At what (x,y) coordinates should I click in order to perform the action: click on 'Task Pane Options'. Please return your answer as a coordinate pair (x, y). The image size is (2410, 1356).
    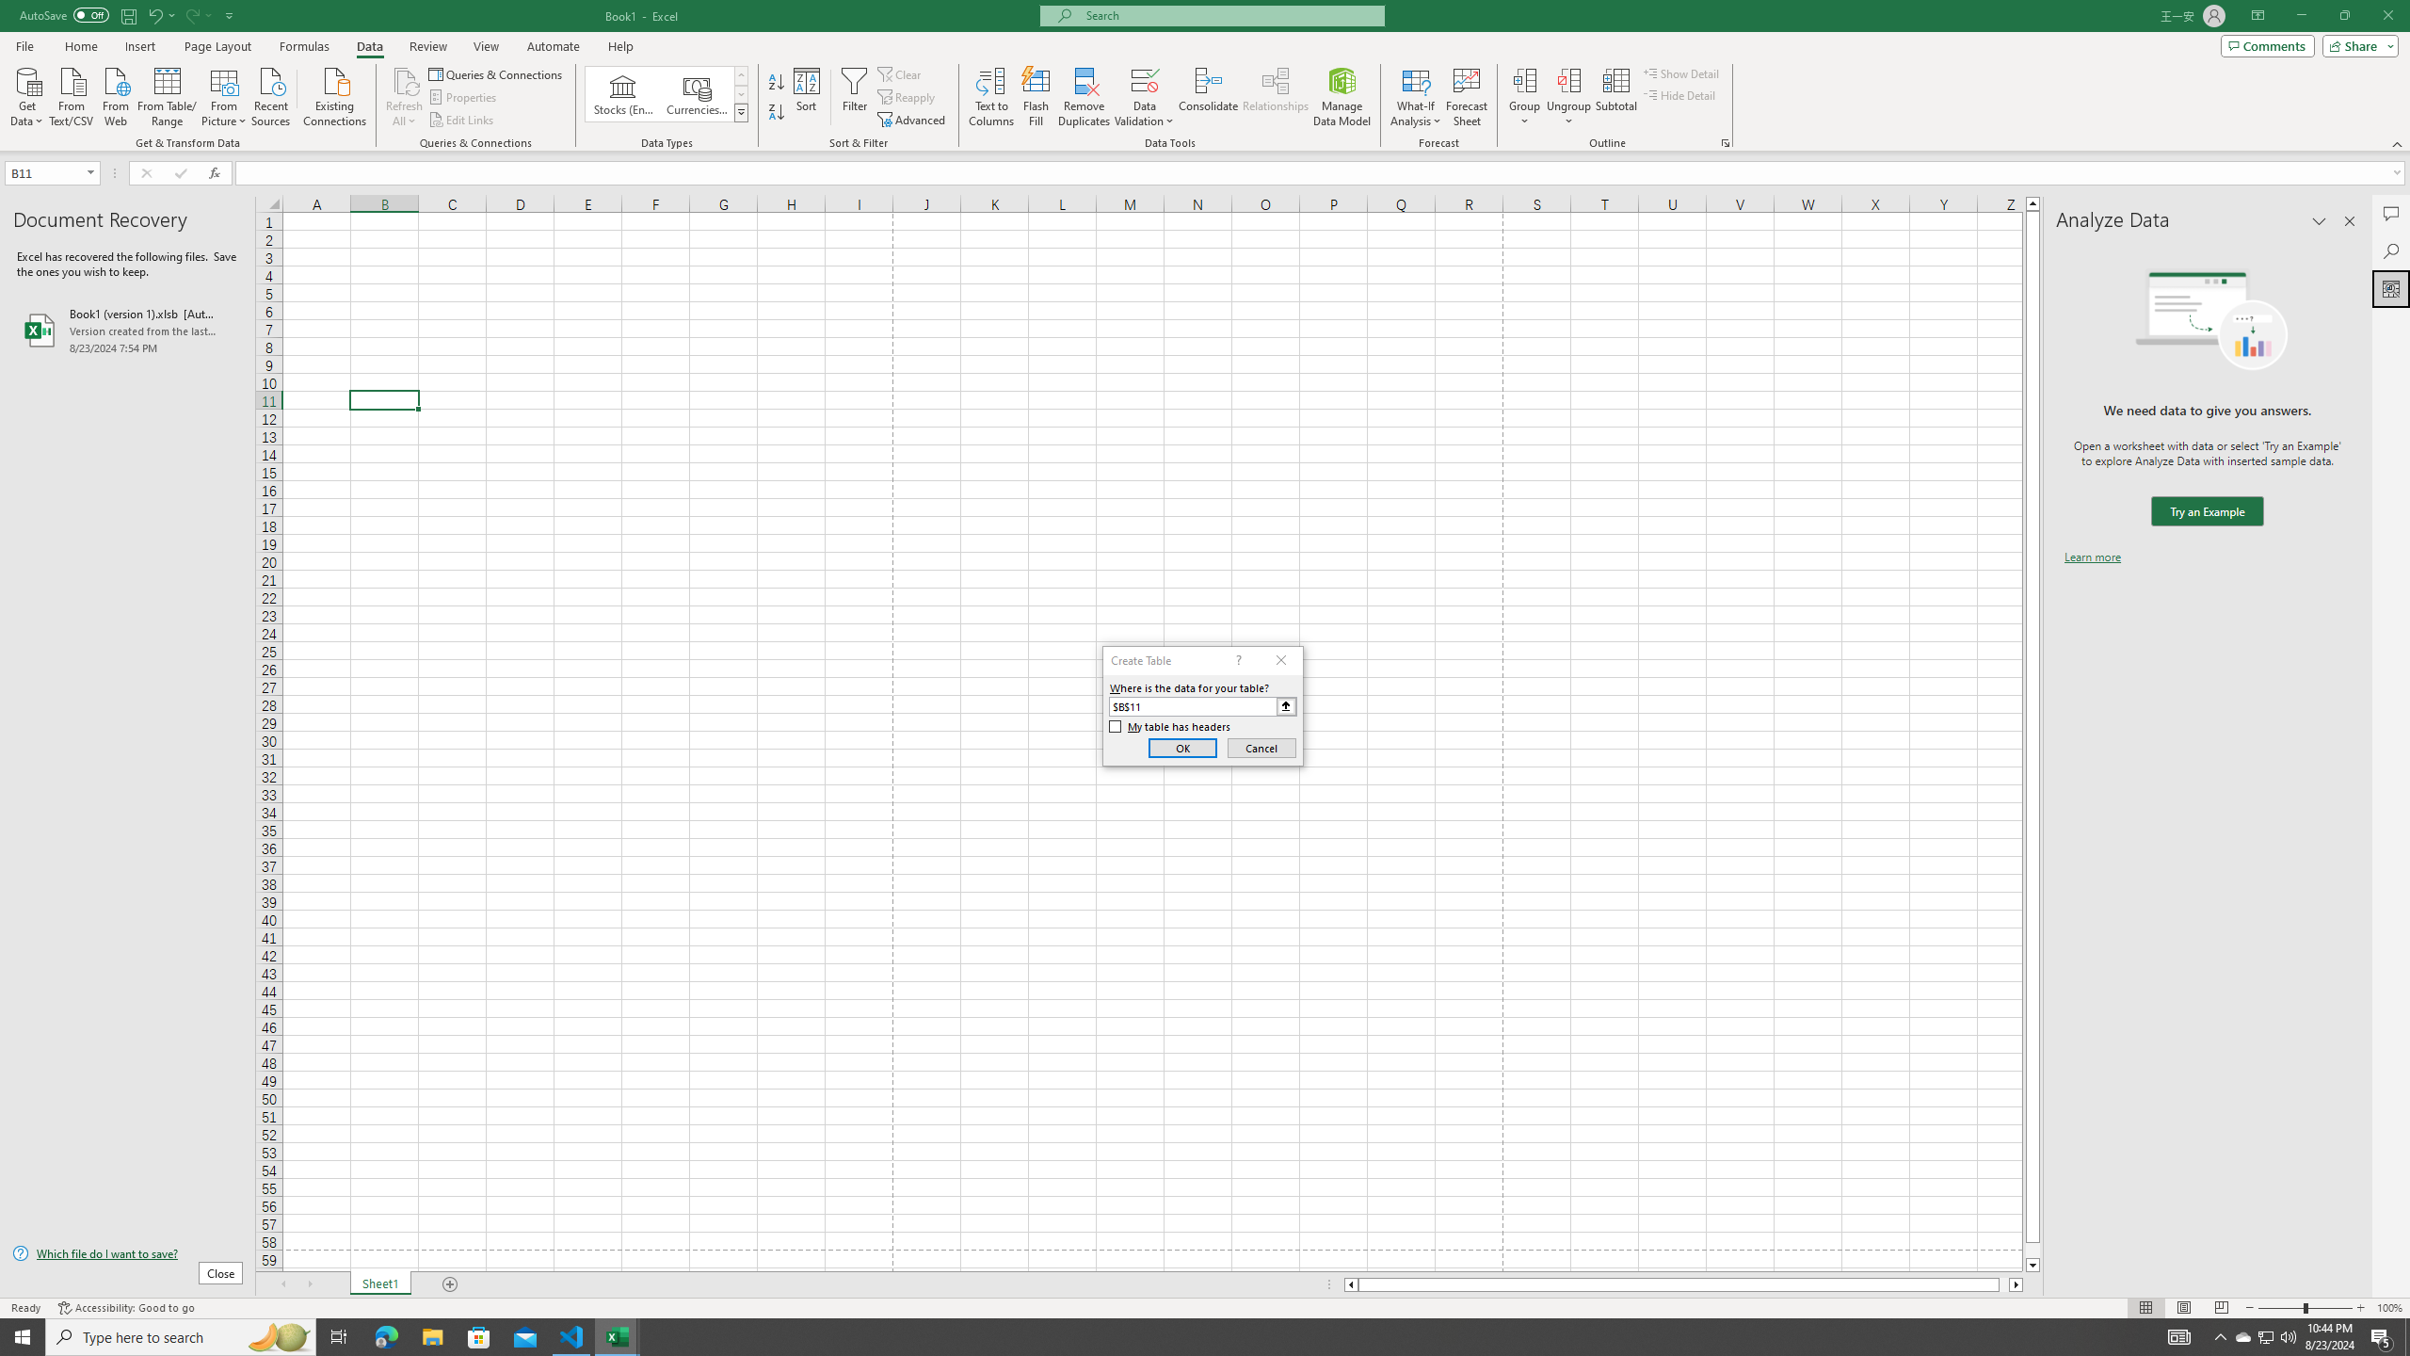
    Looking at the image, I should click on (2319, 220).